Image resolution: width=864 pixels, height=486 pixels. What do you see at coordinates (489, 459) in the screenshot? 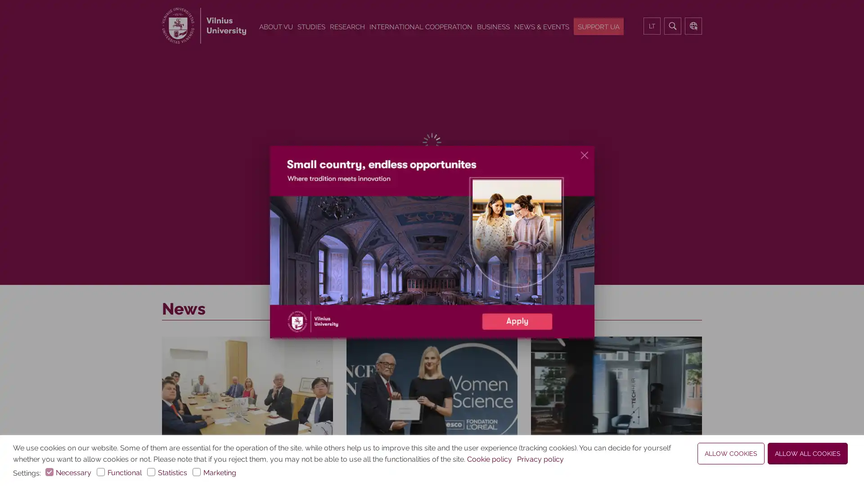
I see `cookie policy` at bounding box center [489, 459].